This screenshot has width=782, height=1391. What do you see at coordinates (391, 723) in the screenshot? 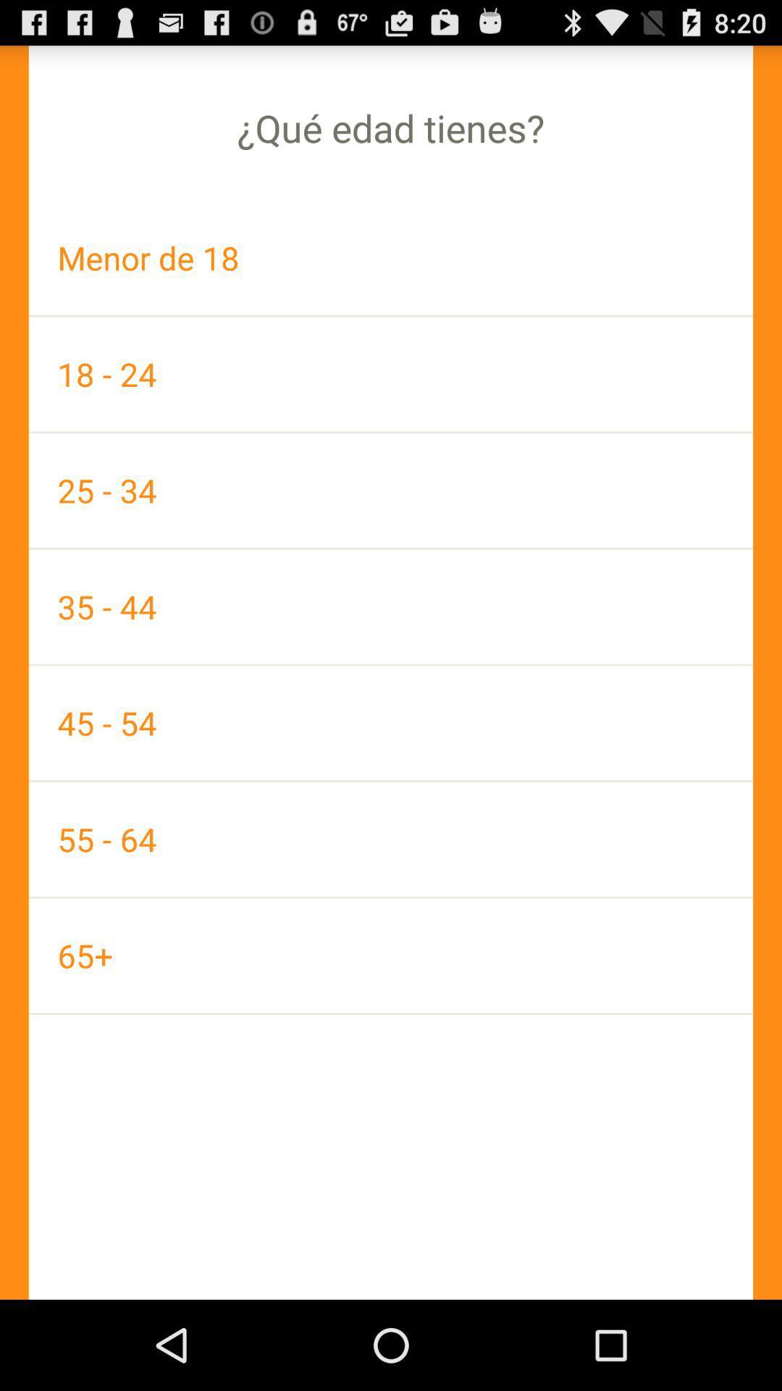
I see `icon above 55 - 64` at bounding box center [391, 723].